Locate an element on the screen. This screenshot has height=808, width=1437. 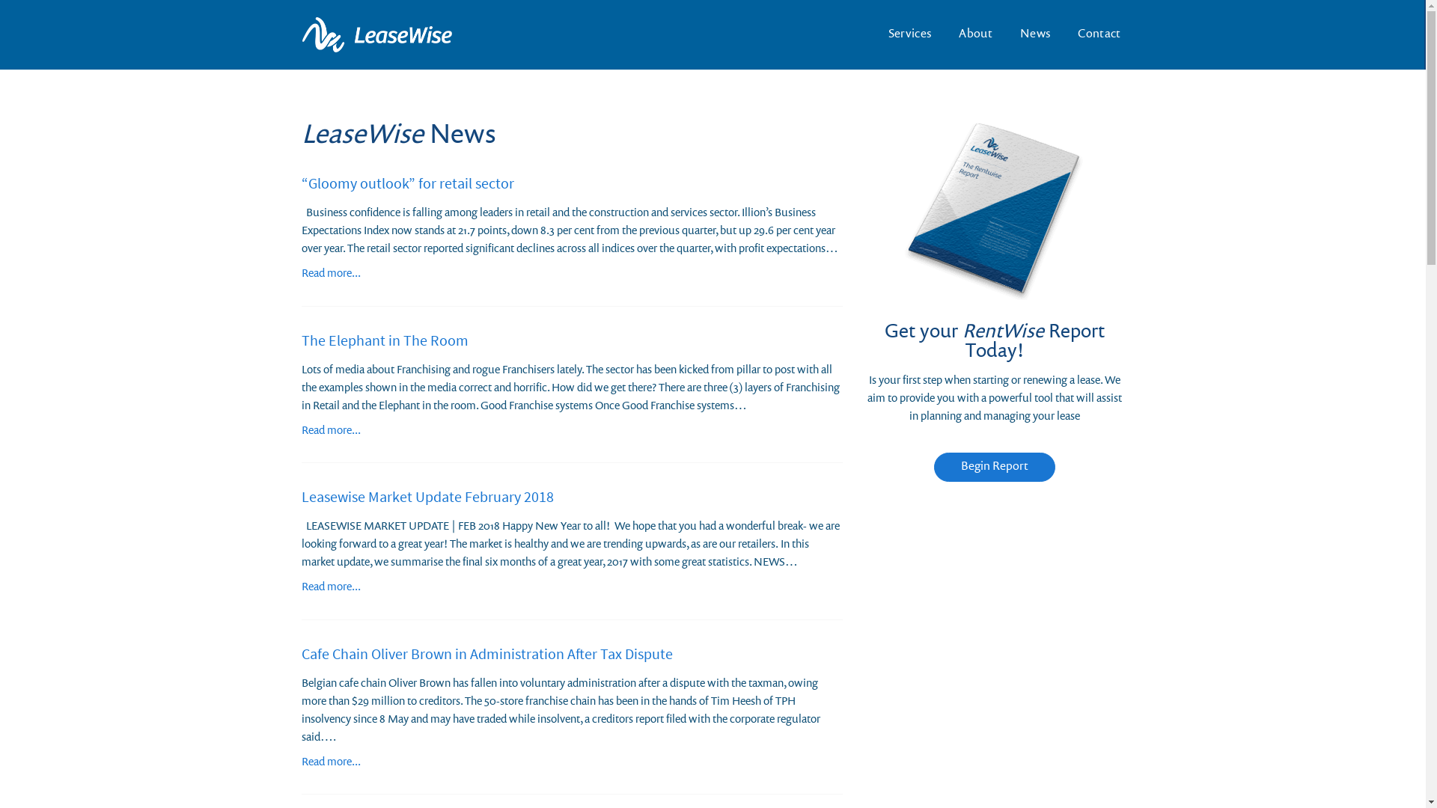
'News' is located at coordinates (1034, 34).